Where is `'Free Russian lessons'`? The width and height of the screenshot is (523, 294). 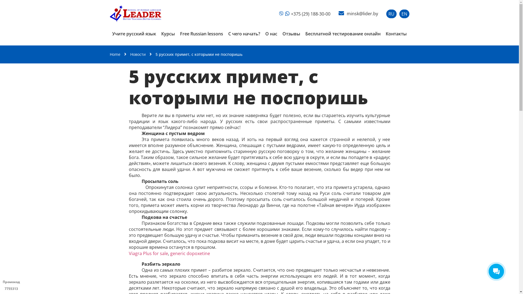 'Free Russian lessons' is located at coordinates (201, 33).